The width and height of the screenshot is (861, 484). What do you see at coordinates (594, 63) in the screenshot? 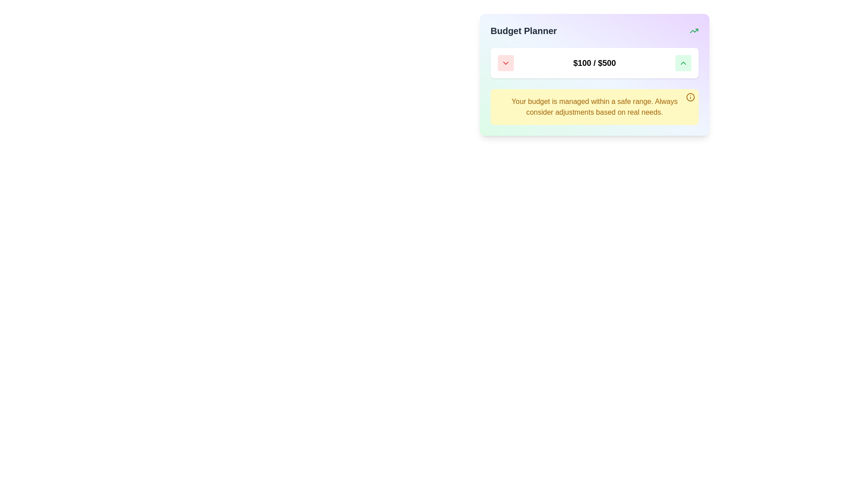
I see `the text display showing monetary amounts '$100' and '$500' in bold font, centrally aligned within the 'Budget Planner' box` at bounding box center [594, 63].